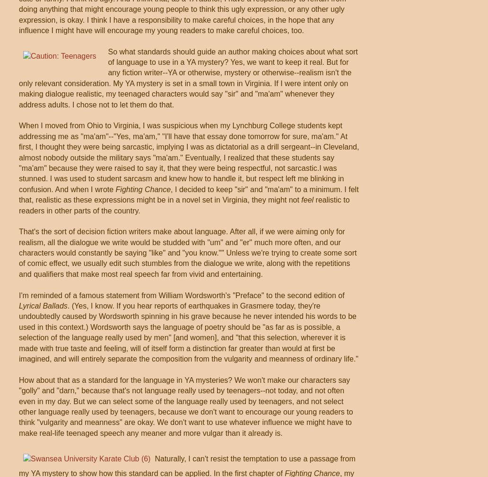 The height and width of the screenshot is (477, 488). I want to click on 'Fighting Chance', so click(143, 189).